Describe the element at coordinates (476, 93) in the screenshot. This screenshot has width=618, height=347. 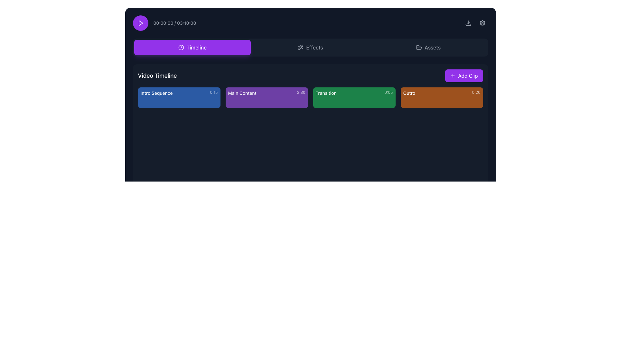
I see `the Text label representing the duration of the 'Outro' segment in the orange 'Outro' bar located in the 'Video Timeline' section` at that location.